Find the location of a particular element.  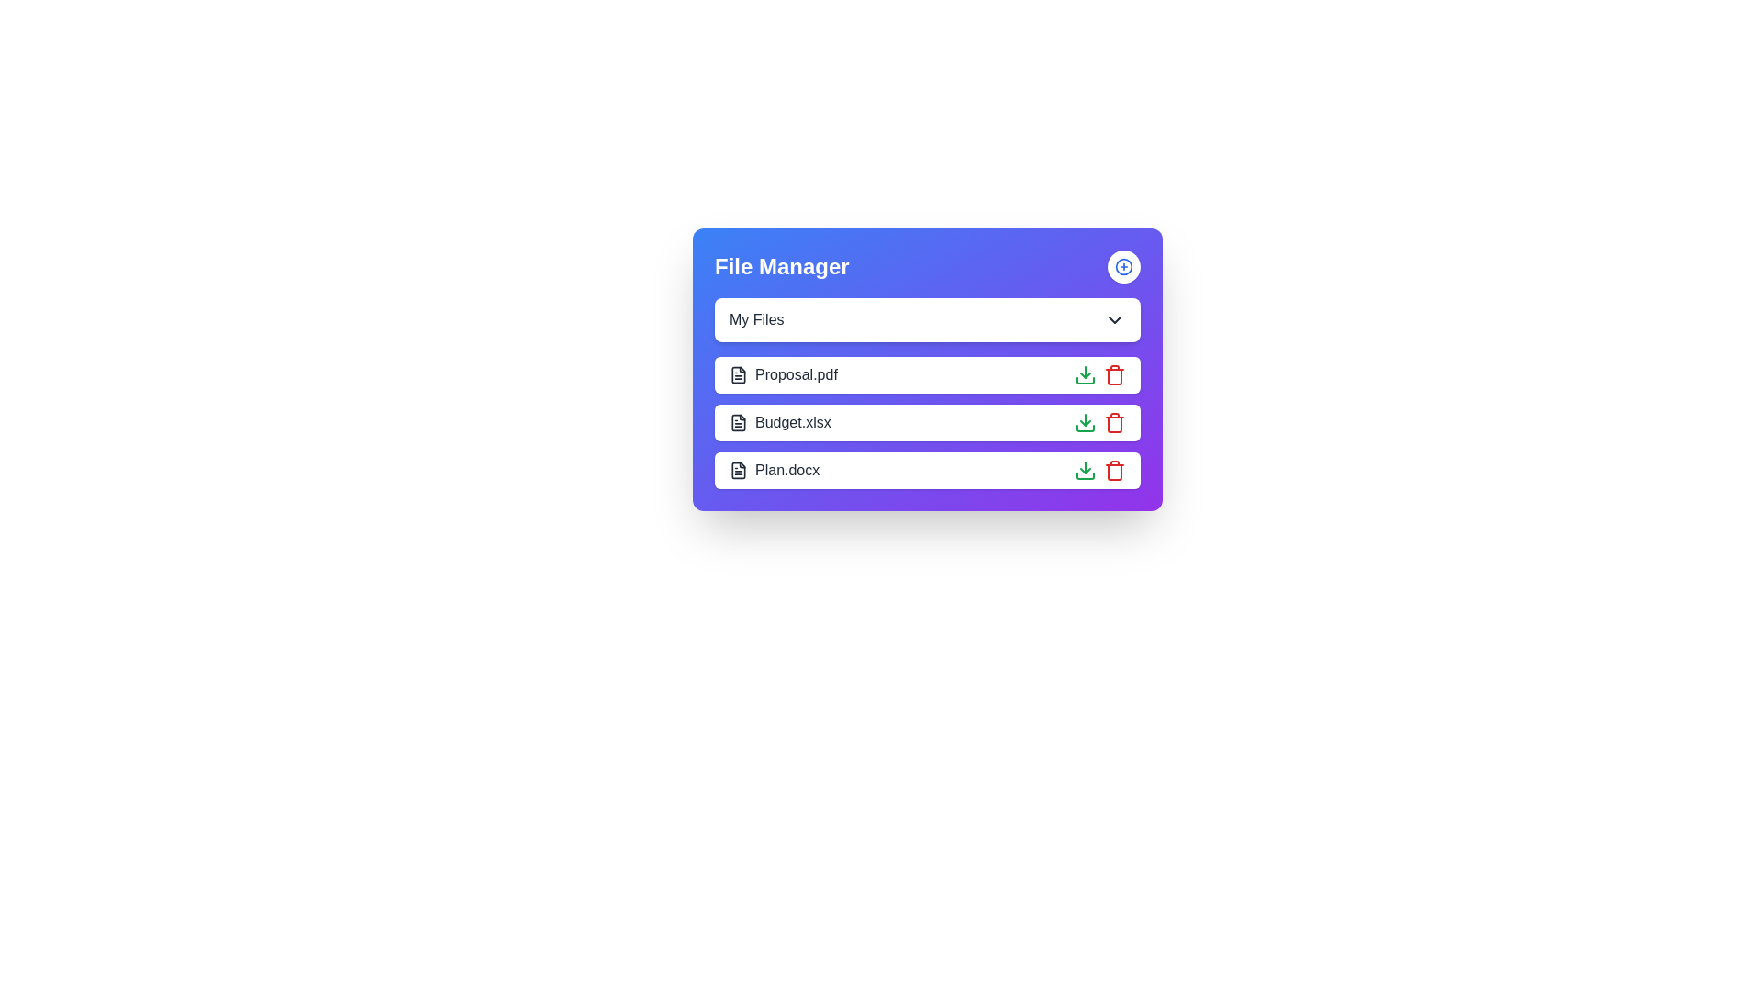

the first graphical icon representing the file 'Budget.xlsx' in the row, which enhances user recognition of the file format is located at coordinates (739, 423).